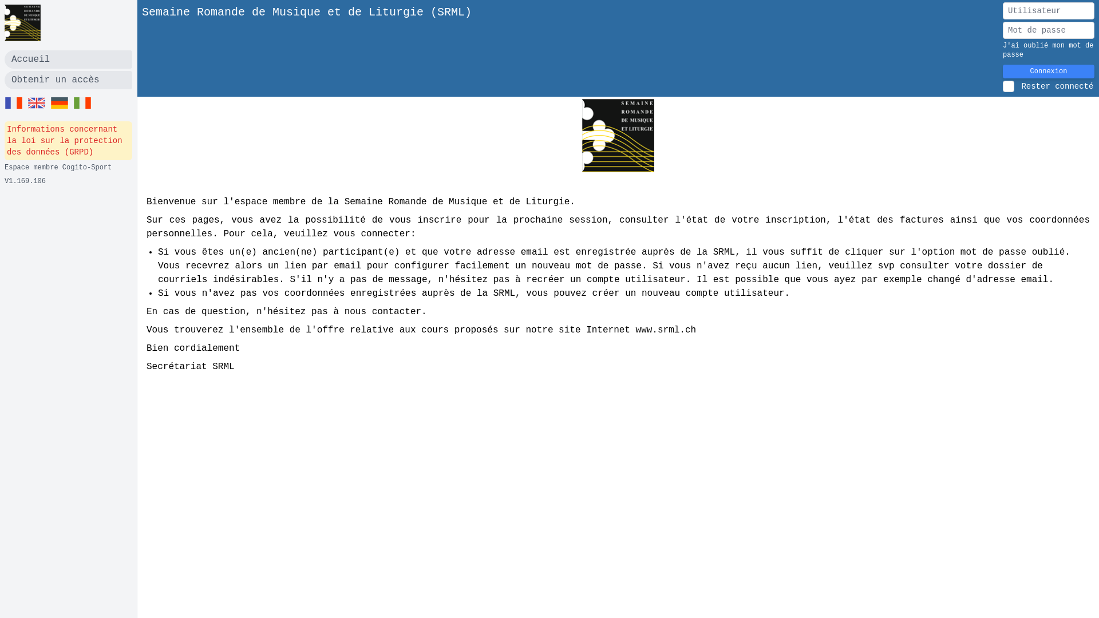 Image resolution: width=1099 pixels, height=618 pixels. Describe the element at coordinates (1049, 71) in the screenshot. I see `'Connexion'` at that location.